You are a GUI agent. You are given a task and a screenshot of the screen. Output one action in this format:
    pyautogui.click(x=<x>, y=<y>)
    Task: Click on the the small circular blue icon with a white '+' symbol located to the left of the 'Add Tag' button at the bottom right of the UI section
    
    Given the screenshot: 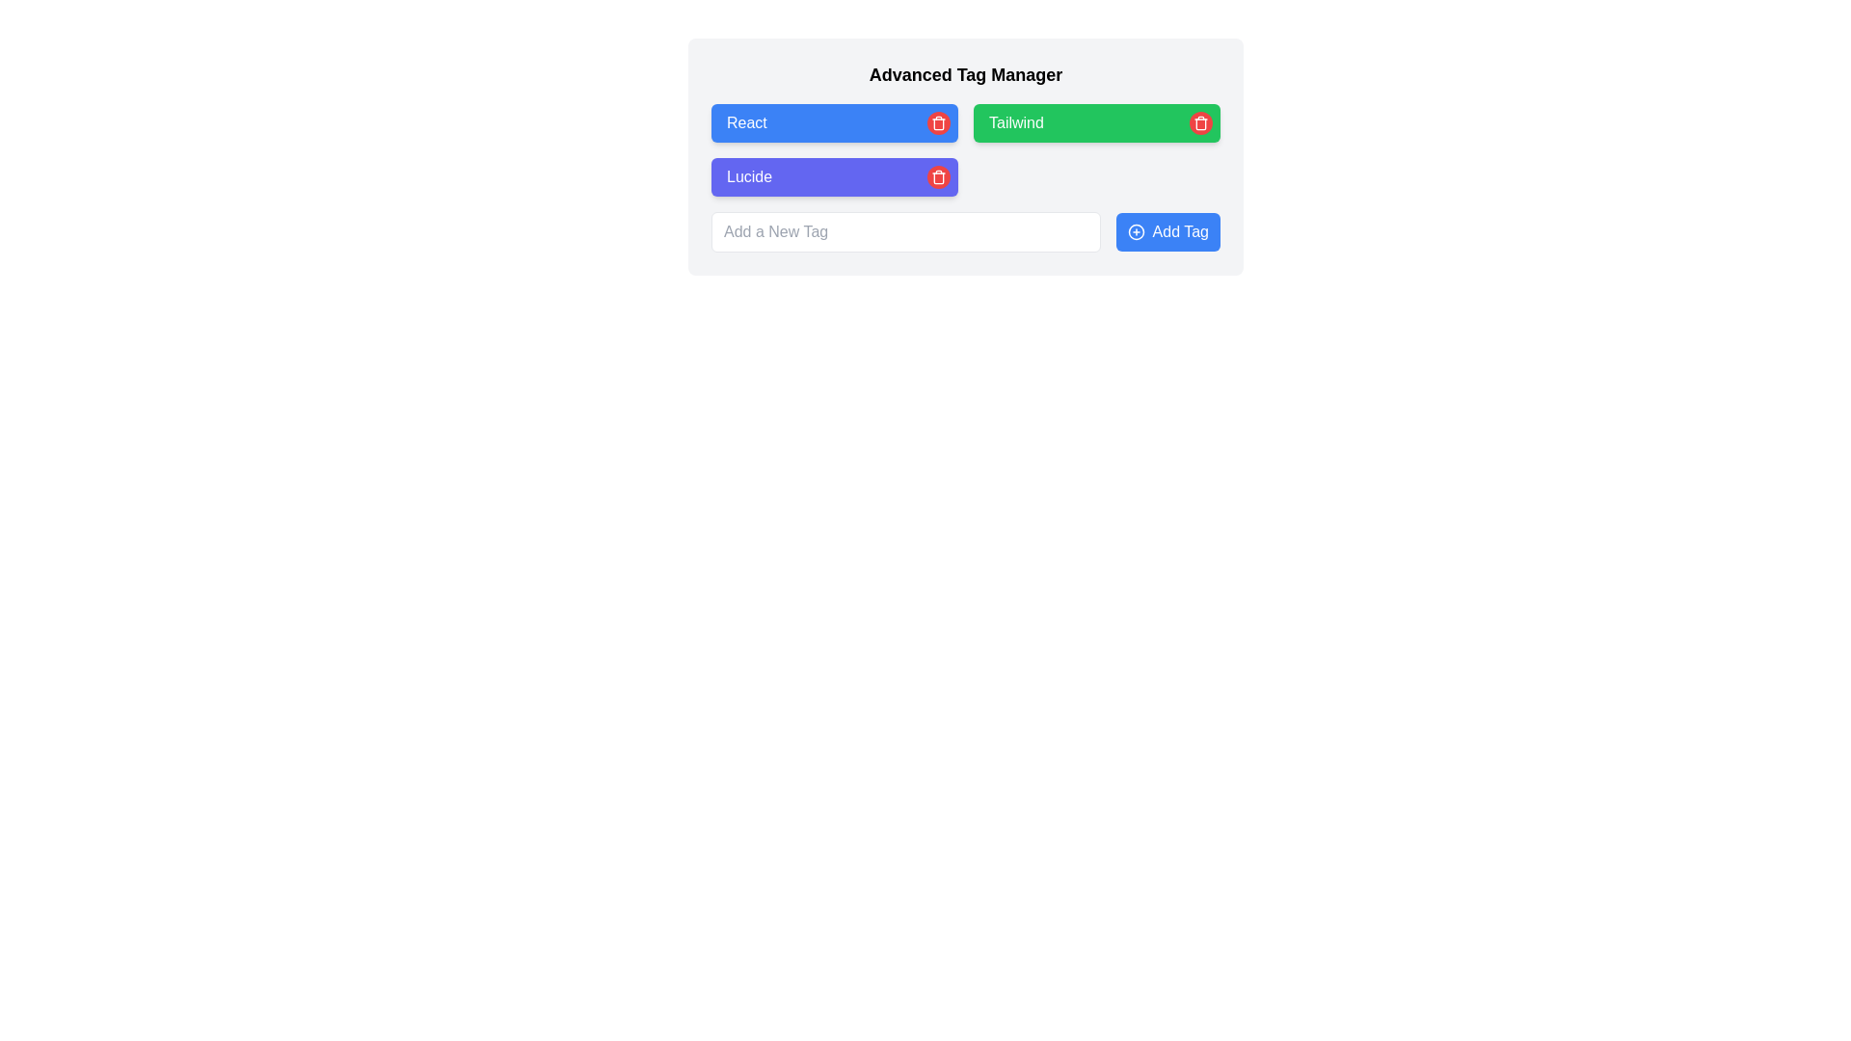 What is the action you would take?
    pyautogui.click(x=1136, y=230)
    